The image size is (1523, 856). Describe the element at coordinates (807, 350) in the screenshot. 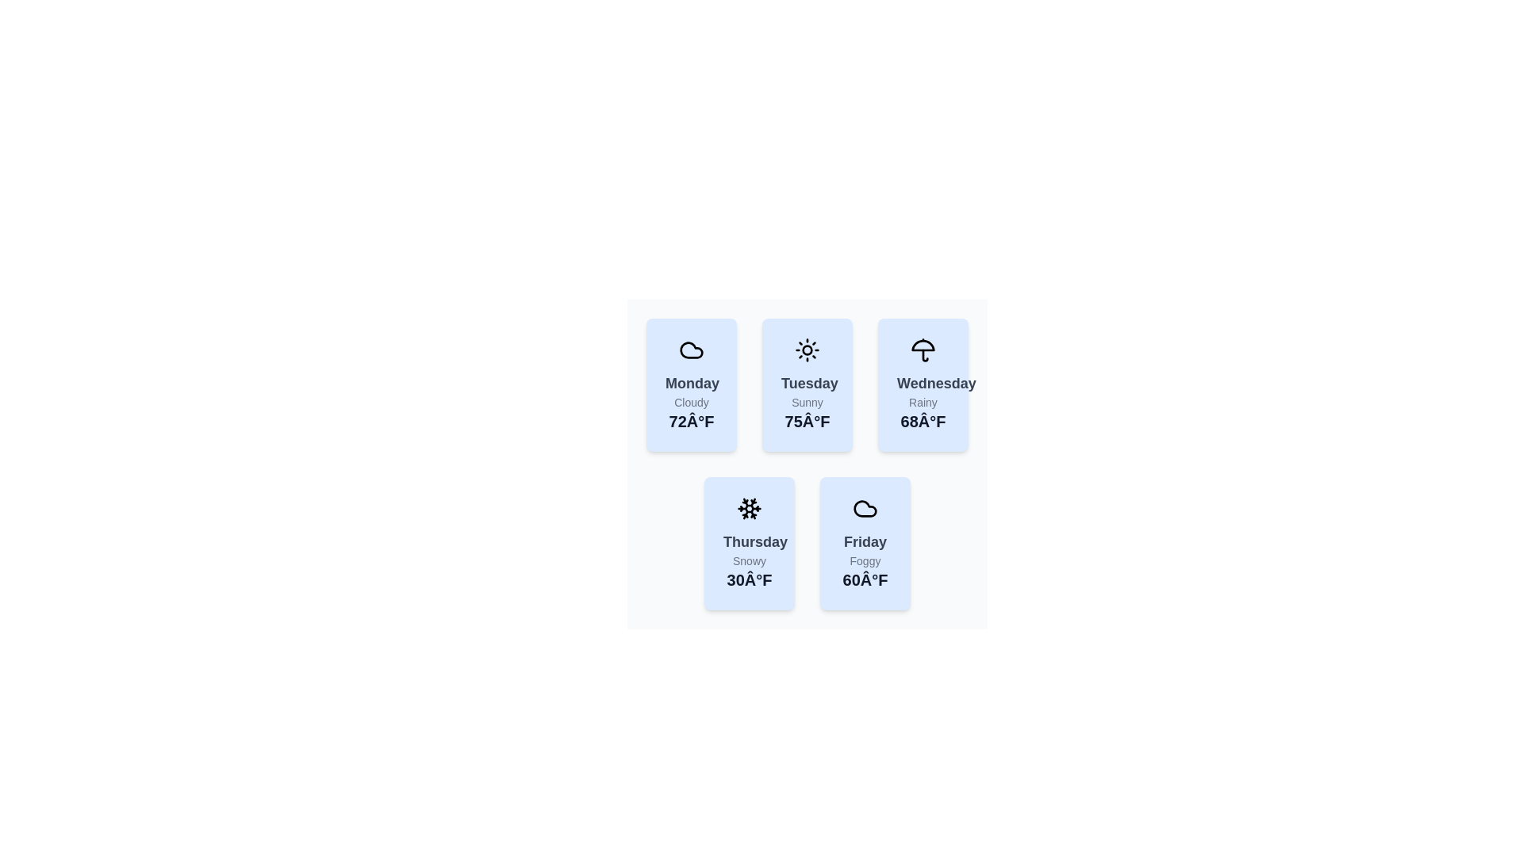

I see `the filled circular shape at the center of the sun icon on the 'Tuesday' weather card for interactions` at that location.